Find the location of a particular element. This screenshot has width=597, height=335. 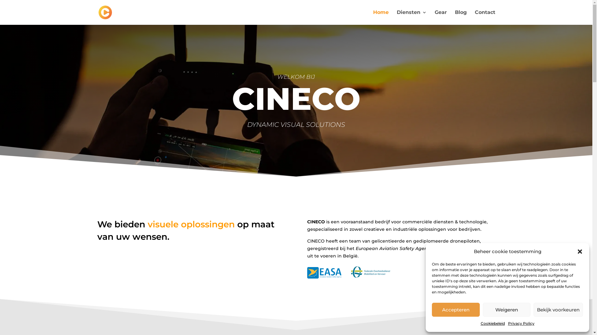

'Weigeren' is located at coordinates (506, 310).